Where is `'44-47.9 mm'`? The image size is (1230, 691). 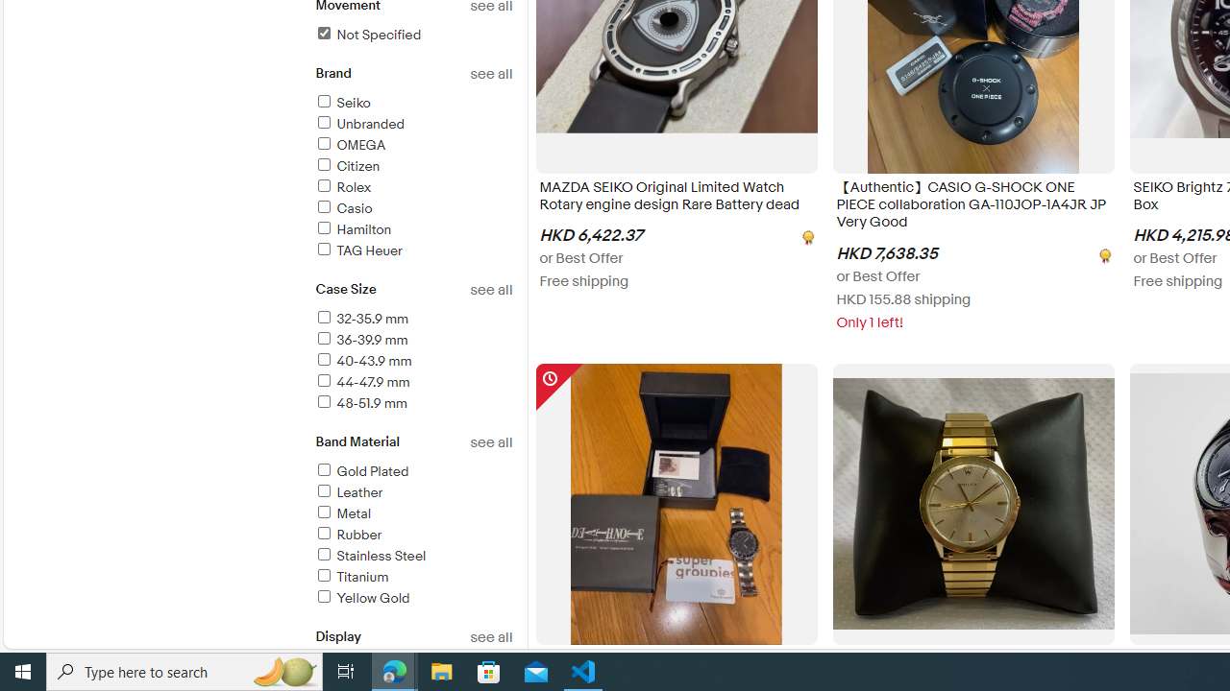
'44-47.9 mm' is located at coordinates (412, 383).